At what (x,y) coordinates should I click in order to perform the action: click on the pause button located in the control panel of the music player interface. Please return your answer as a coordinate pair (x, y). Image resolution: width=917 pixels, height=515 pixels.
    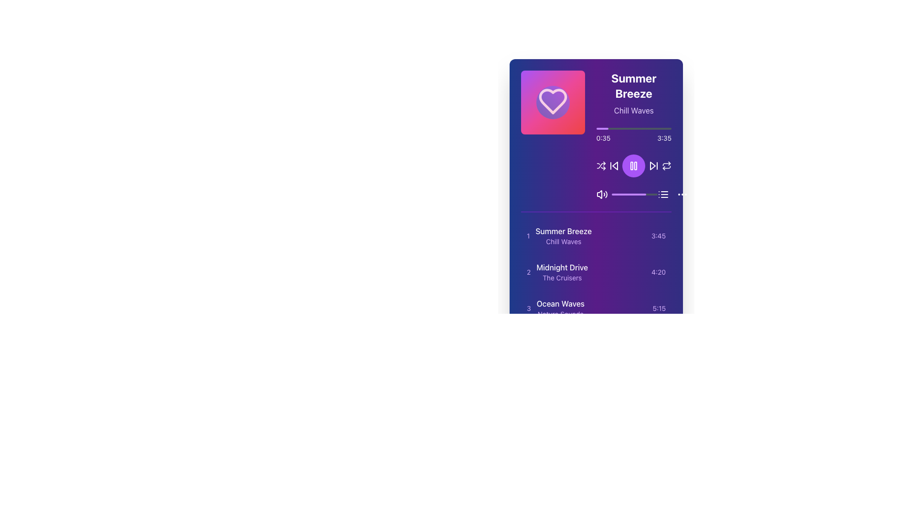
    Looking at the image, I should click on (634, 165).